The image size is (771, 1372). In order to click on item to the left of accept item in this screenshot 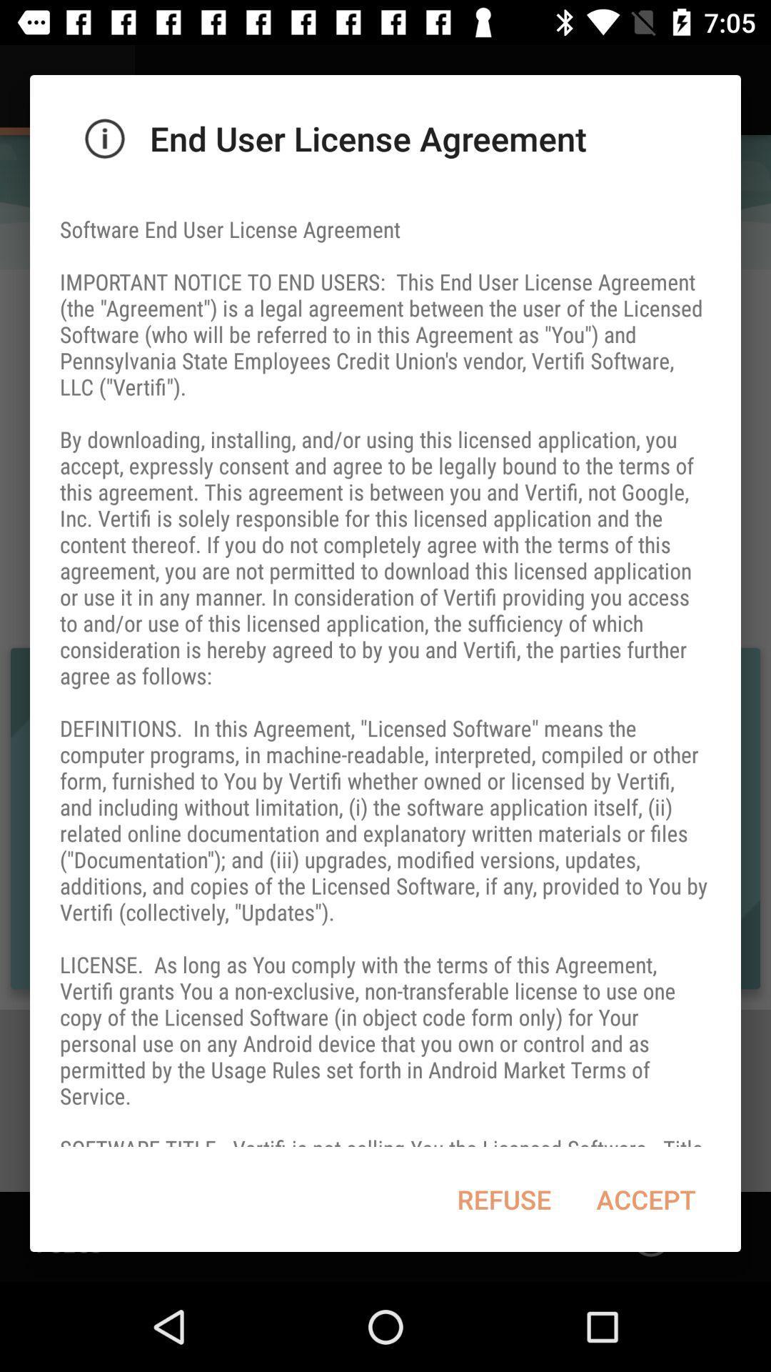, I will do `click(503, 1199)`.